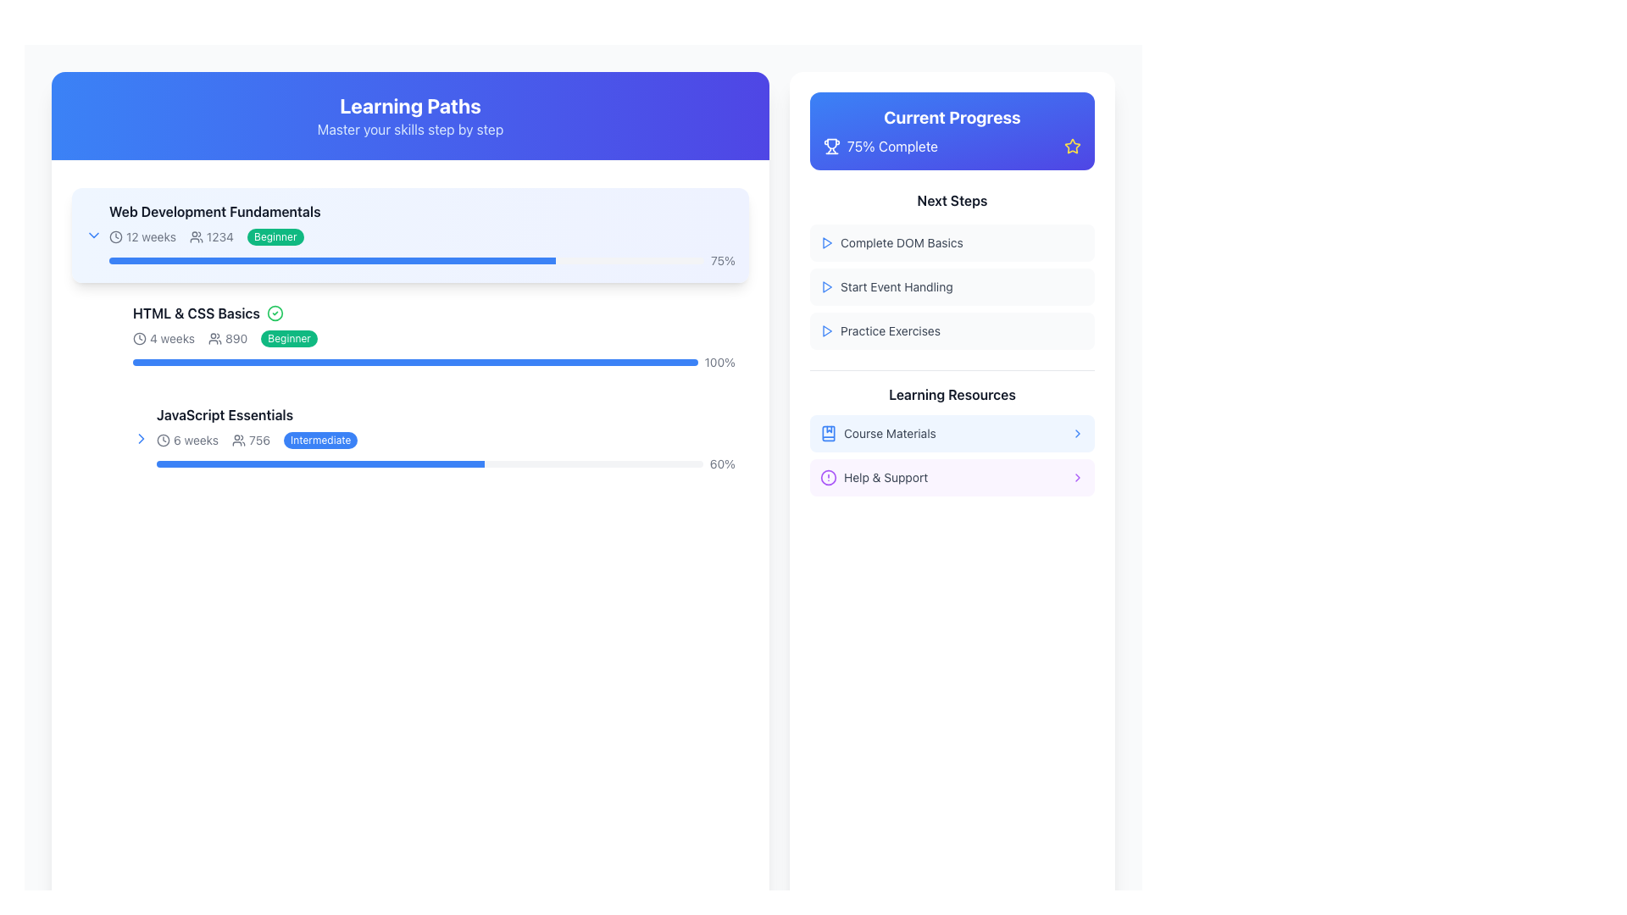 The width and height of the screenshot is (1627, 915). I want to click on the informational group displaying summarized course information, including duration, participant count, and skill level, located below the title 'HTML & CSS Basics' and above the learning progress bar, so click(434, 339).